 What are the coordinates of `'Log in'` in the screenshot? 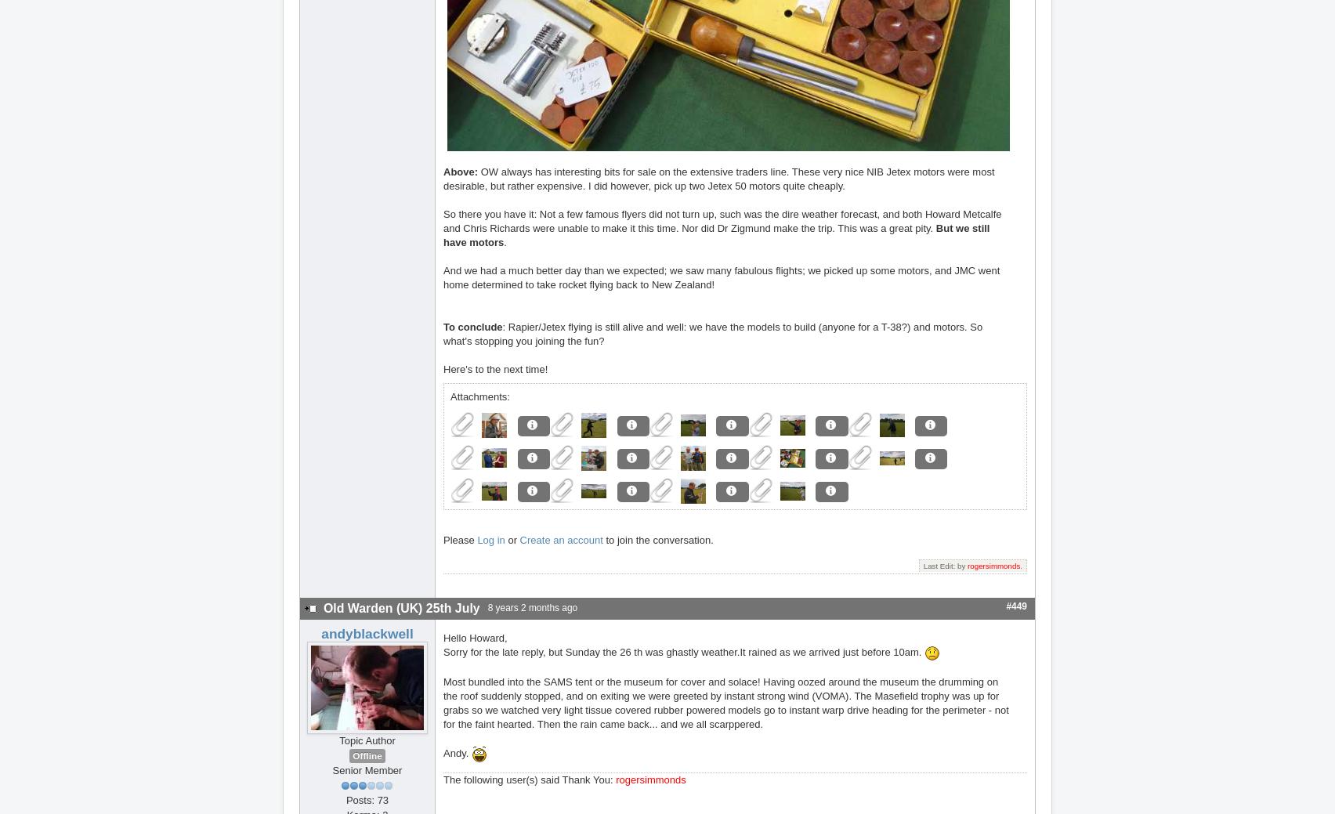 It's located at (477, 540).